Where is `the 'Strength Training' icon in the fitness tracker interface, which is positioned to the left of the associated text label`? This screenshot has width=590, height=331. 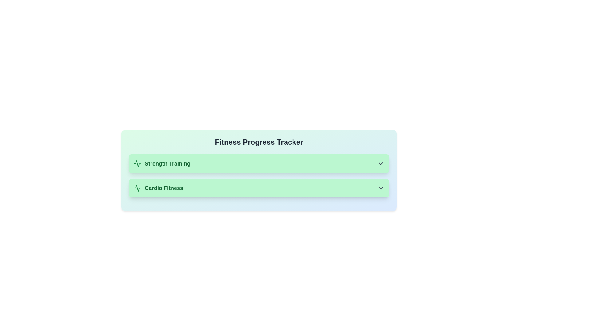 the 'Strength Training' icon in the fitness tracker interface, which is positioned to the left of the associated text label is located at coordinates (137, 163).